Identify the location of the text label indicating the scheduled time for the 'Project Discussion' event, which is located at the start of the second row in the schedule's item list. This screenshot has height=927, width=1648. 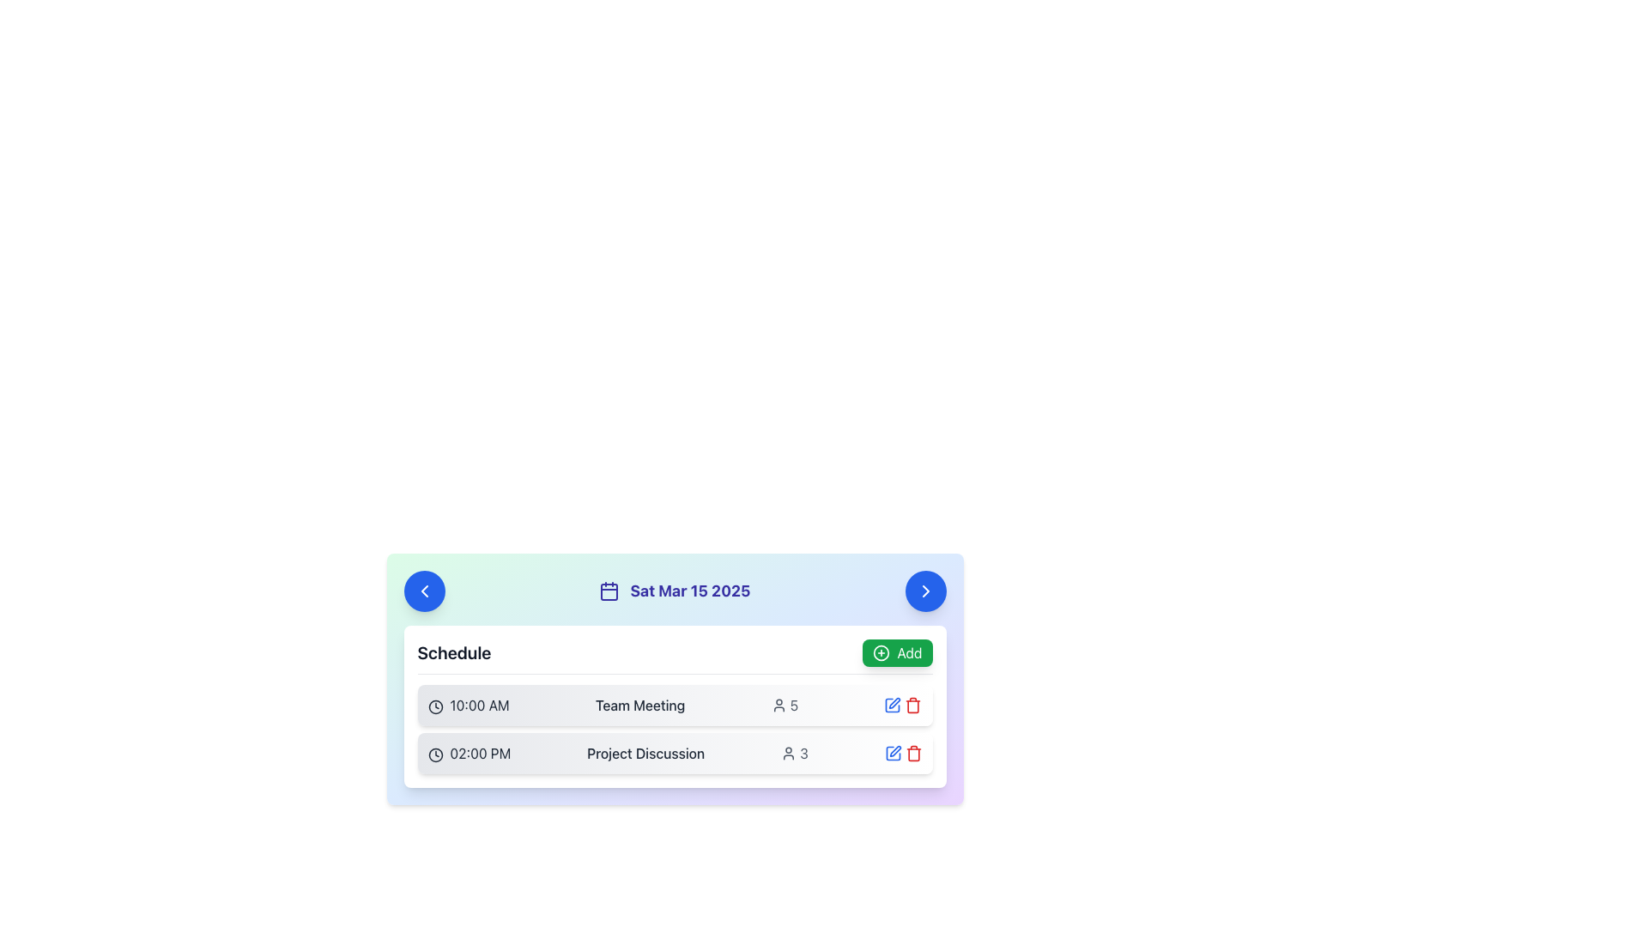
(469, 753).